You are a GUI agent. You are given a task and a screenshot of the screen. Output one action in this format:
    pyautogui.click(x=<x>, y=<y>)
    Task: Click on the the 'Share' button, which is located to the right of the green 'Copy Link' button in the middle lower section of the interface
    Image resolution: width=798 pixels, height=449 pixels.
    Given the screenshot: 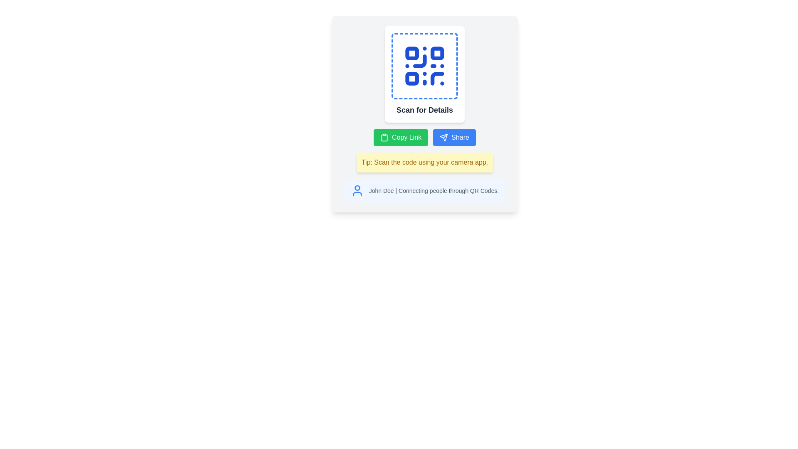 What is the action you would take?
    pyautogui.click(x=454, y=137)
    